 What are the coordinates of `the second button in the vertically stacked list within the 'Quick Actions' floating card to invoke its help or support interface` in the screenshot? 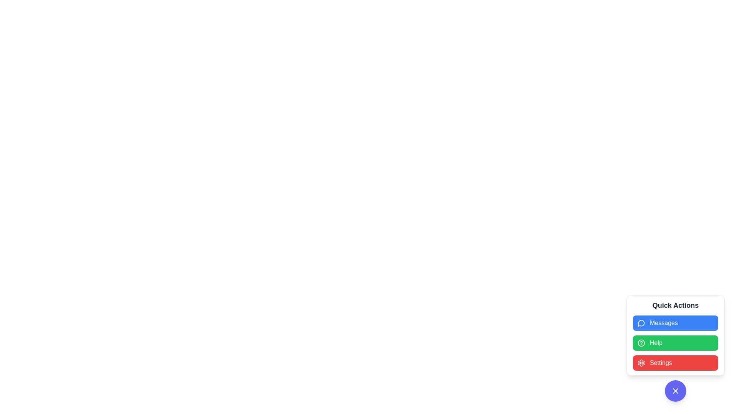 It's located at (676, 348).